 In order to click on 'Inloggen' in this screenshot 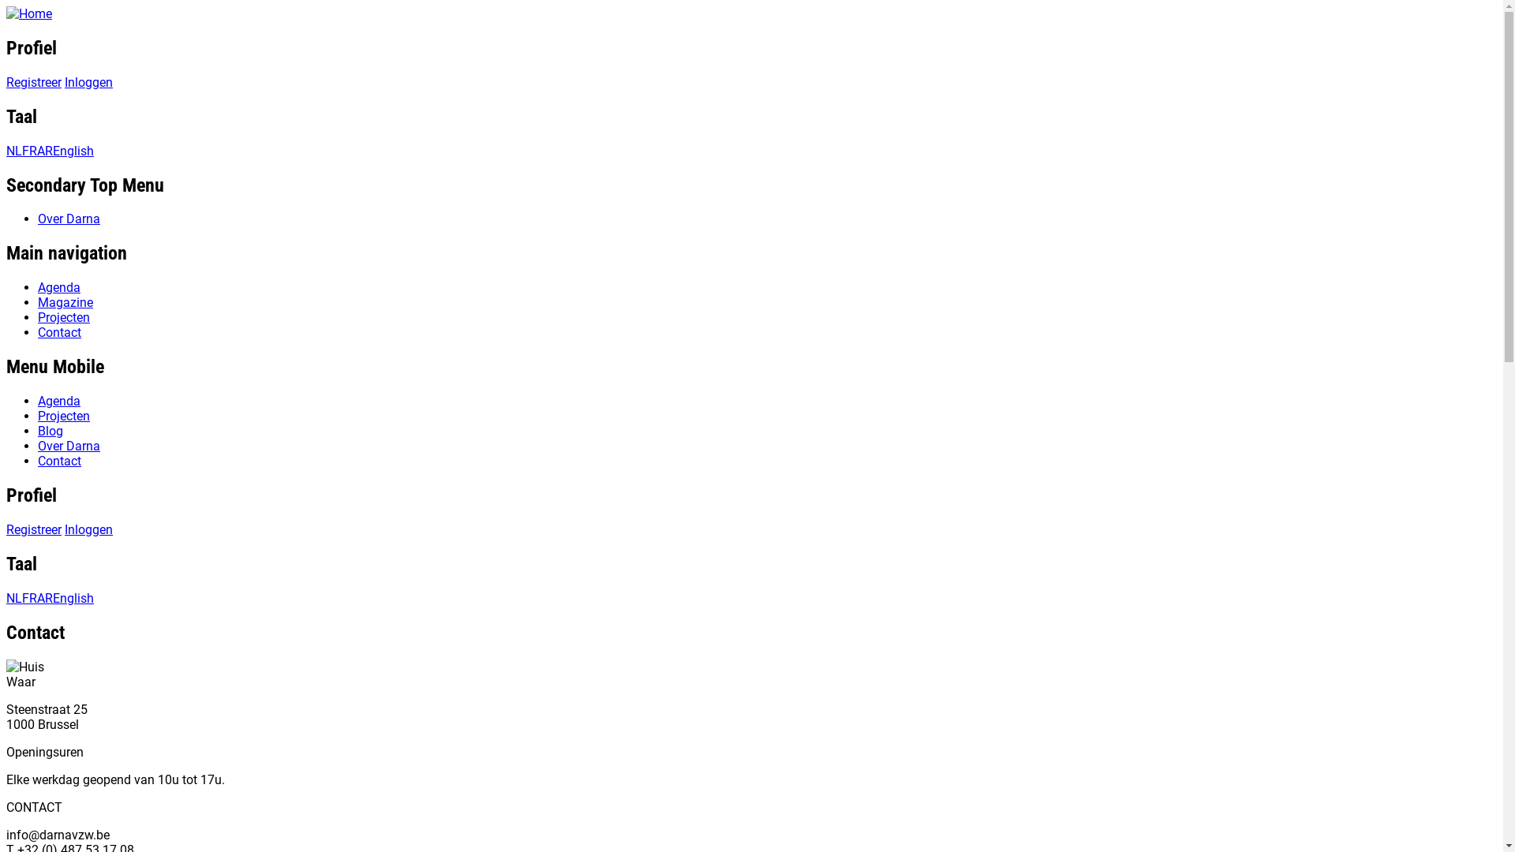, I will do `click(63, 529)`.